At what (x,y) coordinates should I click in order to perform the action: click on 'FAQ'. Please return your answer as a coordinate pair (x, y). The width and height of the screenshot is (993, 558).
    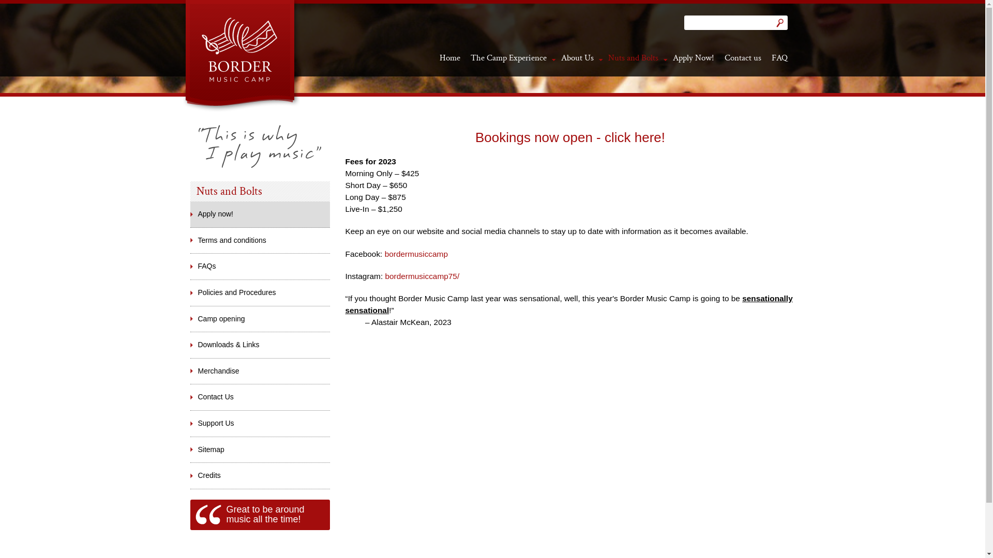
    Looking at the image, I should click on (779, 57).